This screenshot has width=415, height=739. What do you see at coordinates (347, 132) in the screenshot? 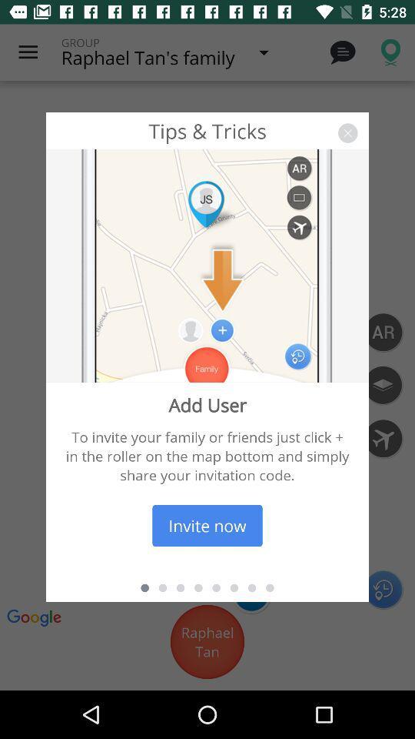
I see `close` at bounding box center [347, 132].